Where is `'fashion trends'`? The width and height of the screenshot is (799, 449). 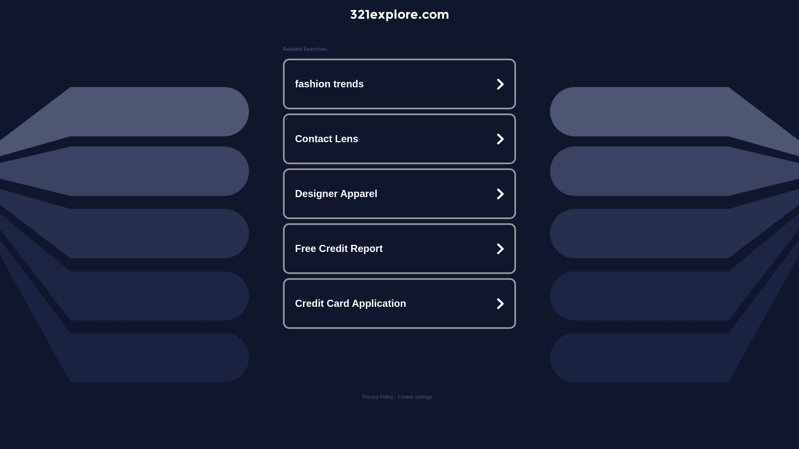
'fashion trends' is located at coordinates (399, 84).